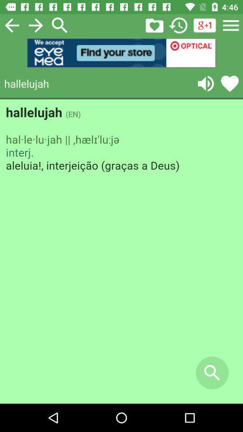 The height and width of the screenshot is (432, 243). I want to click on find your store, so click(121, 53).